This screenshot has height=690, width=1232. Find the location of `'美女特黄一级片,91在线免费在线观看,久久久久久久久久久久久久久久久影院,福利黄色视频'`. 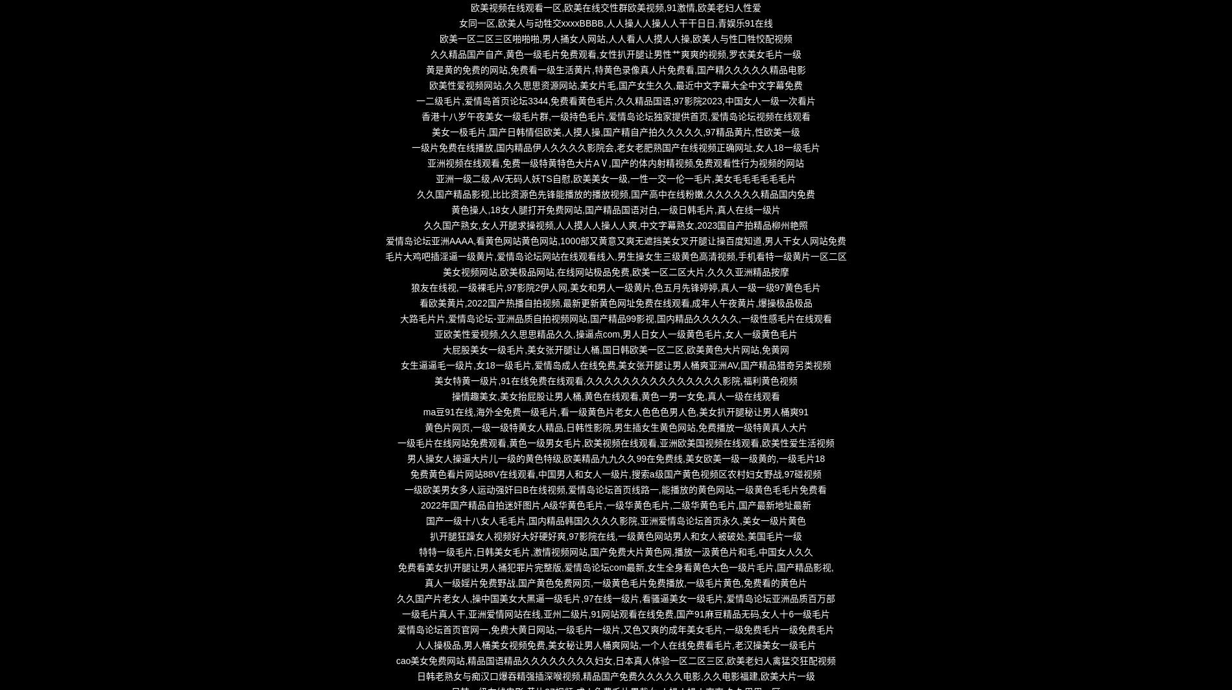

'美女特黄一级片,91在线免费在线观看,久久久久久久久久久久久久久久久影院,福利黄色视频' is located at coordinates (615, 380).